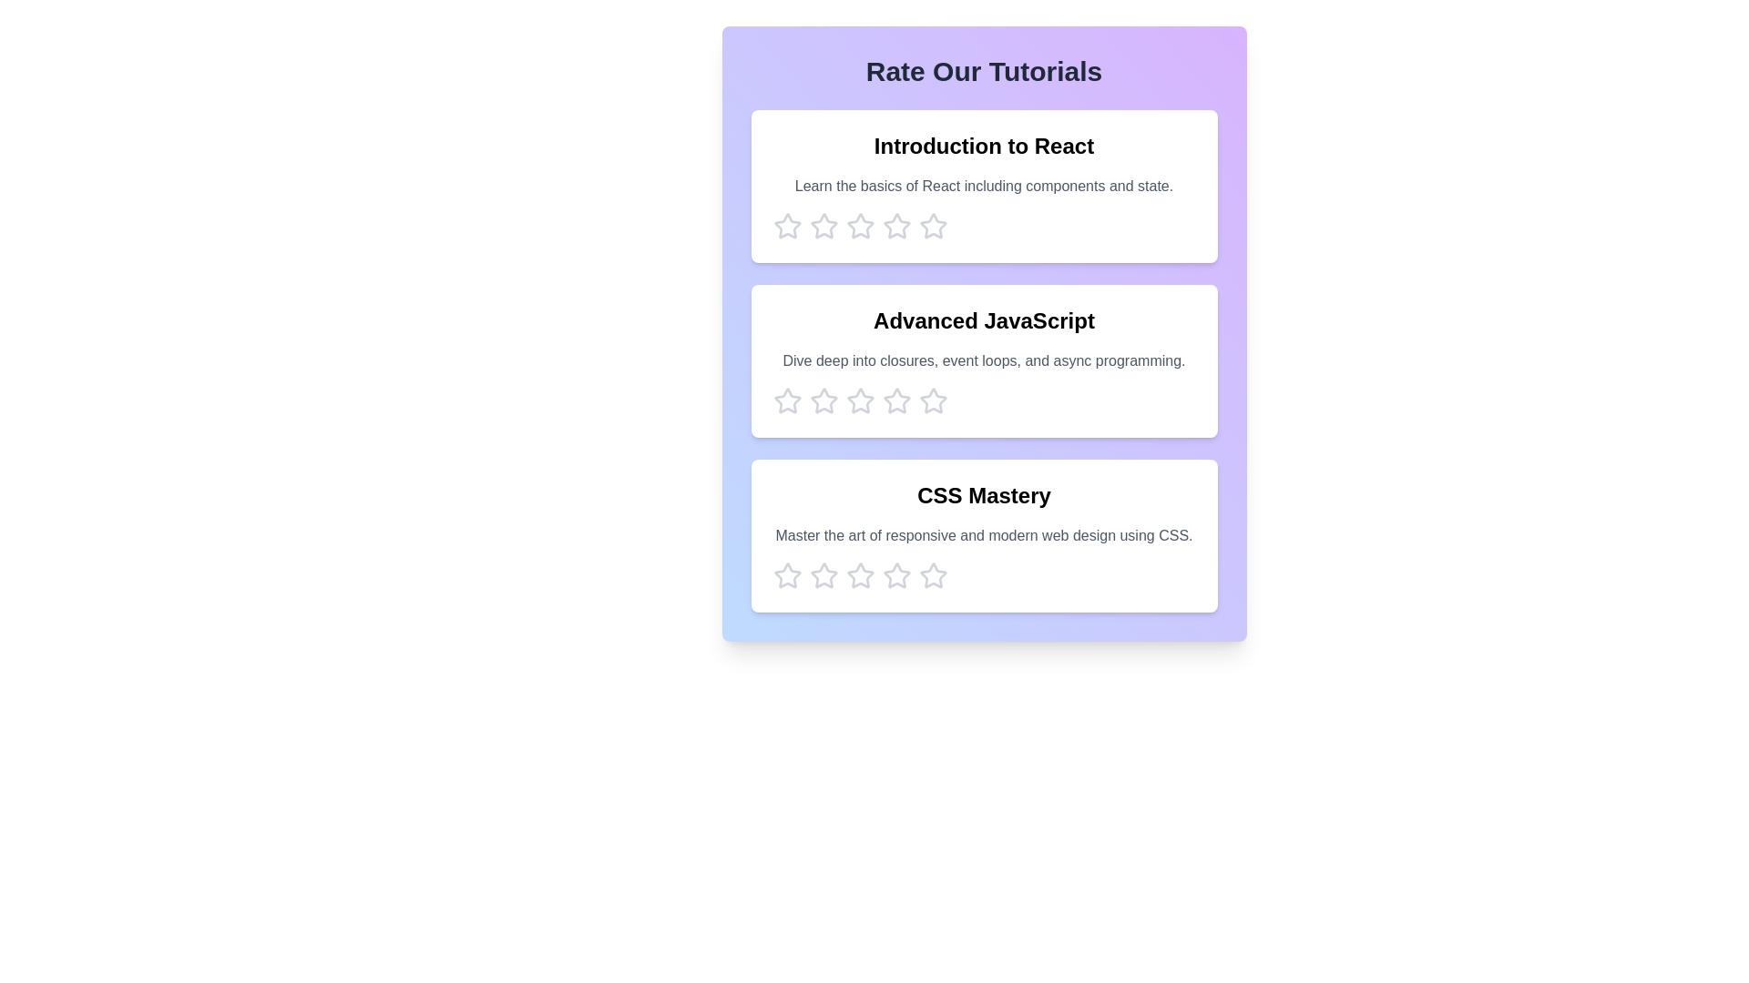 The image size is (1749, 983). What do you see at coordinates (823, 226) in the screenshot?
I see `the rating for a tutorial to 2 stars` at bounding box center [823, 226].